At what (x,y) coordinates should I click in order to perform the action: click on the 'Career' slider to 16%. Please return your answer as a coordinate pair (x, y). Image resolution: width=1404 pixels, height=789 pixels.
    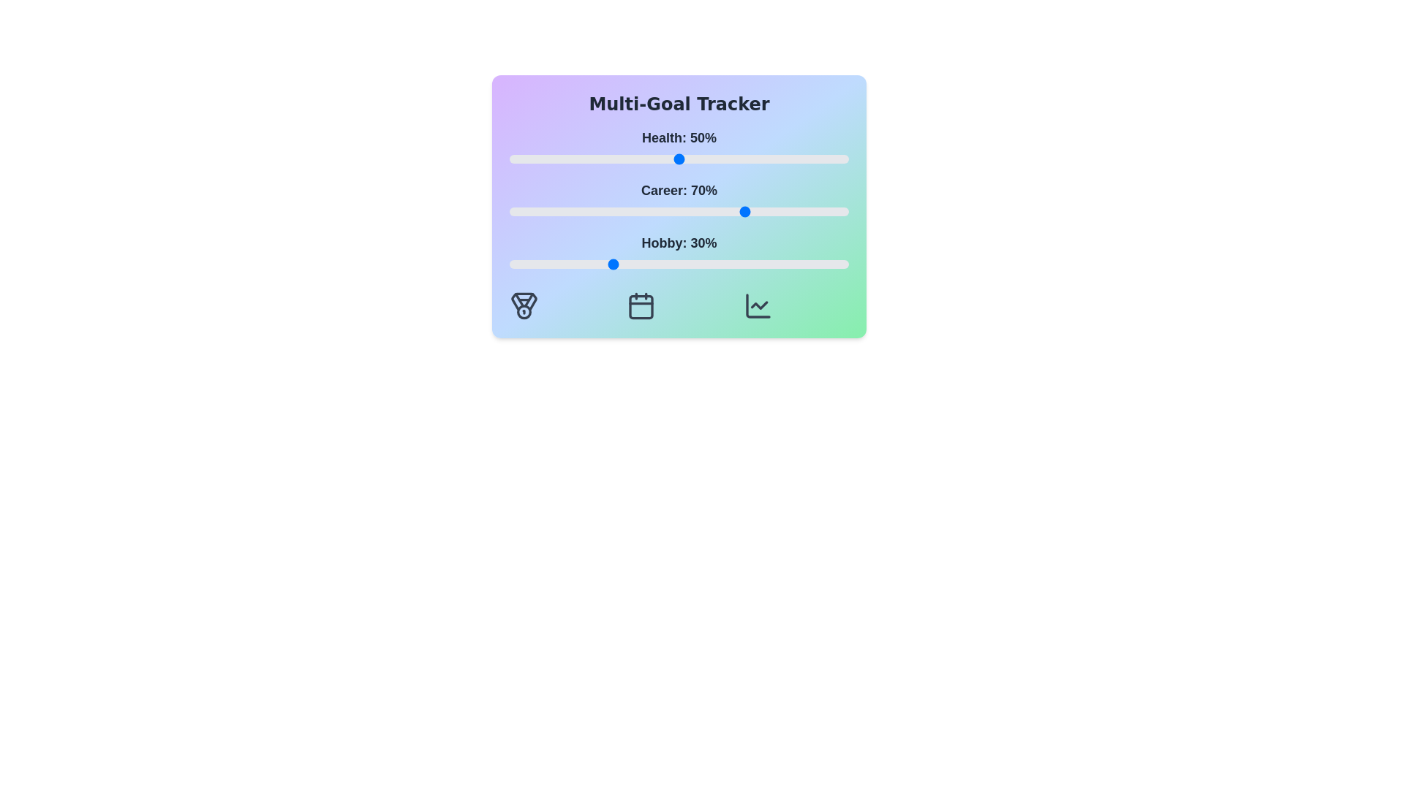
    Looking at the image, I should click on (563, 211).